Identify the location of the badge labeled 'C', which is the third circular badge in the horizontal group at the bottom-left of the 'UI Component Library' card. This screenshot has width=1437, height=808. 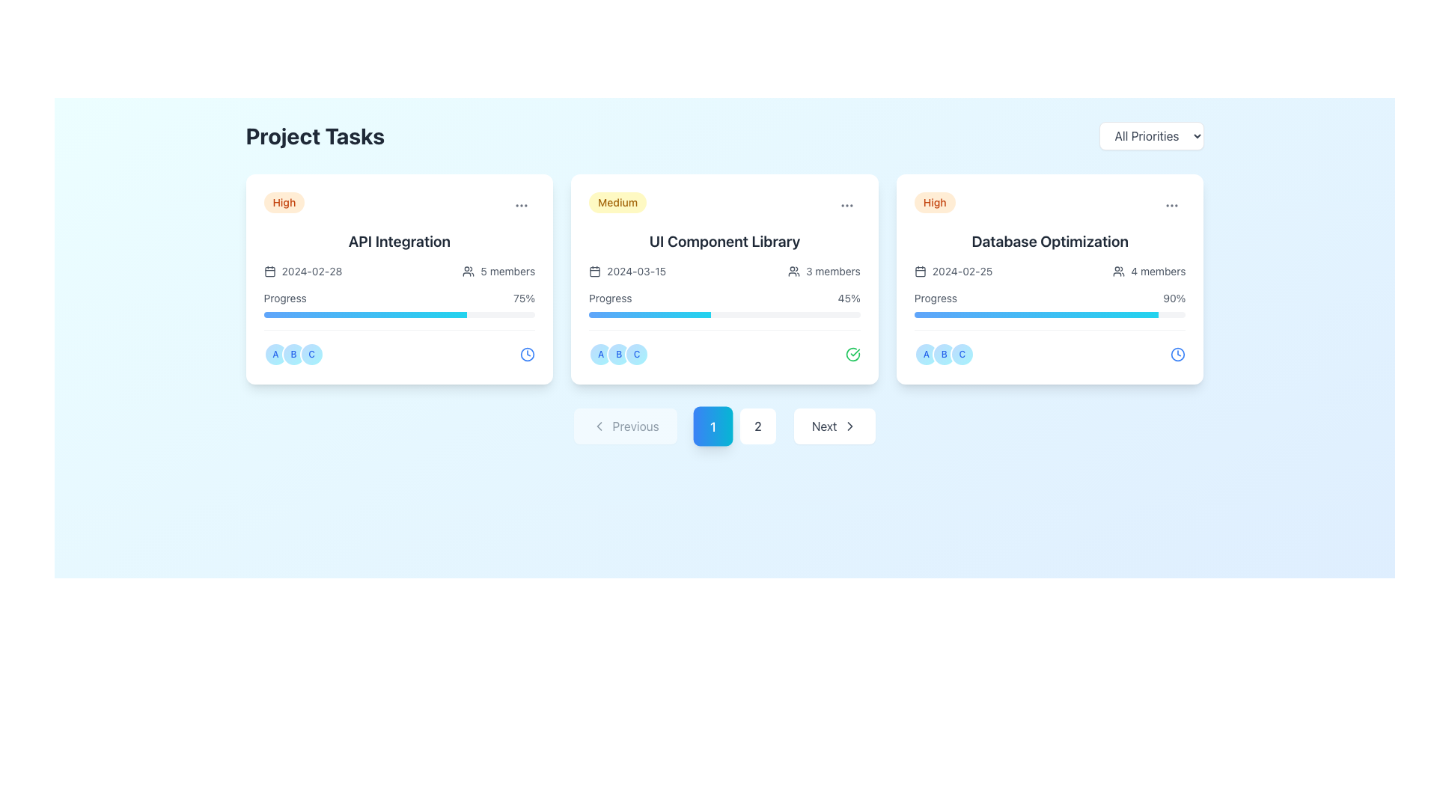
(637, 355).